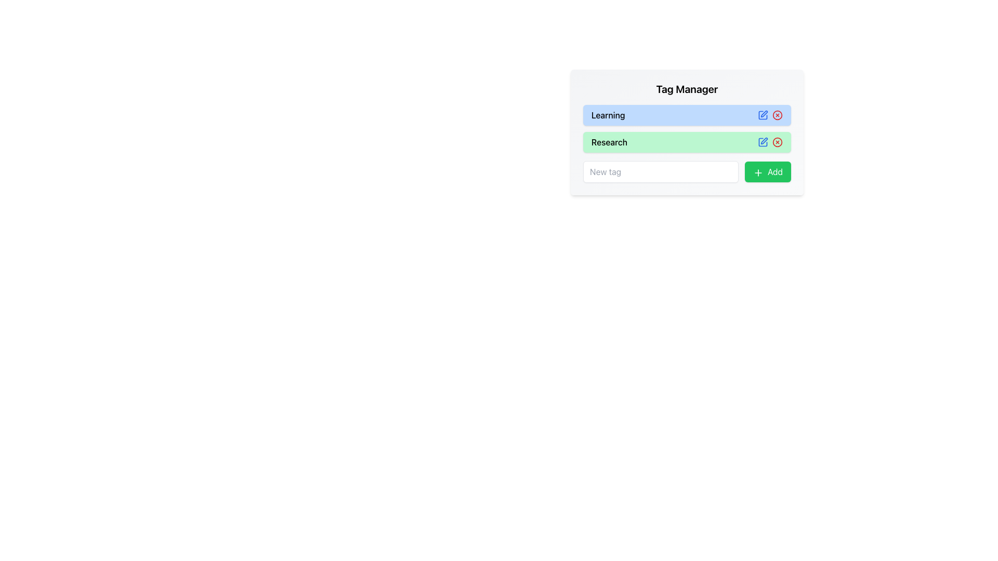 This screenshot has height=561, width=998. I want to click on the edit icon button located in the top-right corner of the blue 'Learning' tag, so click(763, 115).